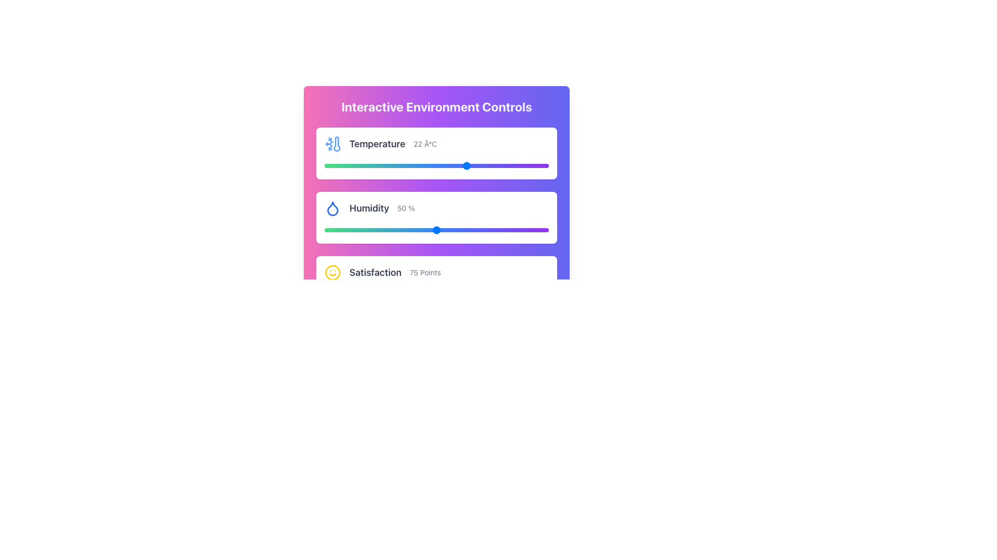 The height and width of the screenshot is (560, 997). What do you see at coordinates (328, 165) in the screenshot?
I see `the slider` at bounding box center [328, 165].